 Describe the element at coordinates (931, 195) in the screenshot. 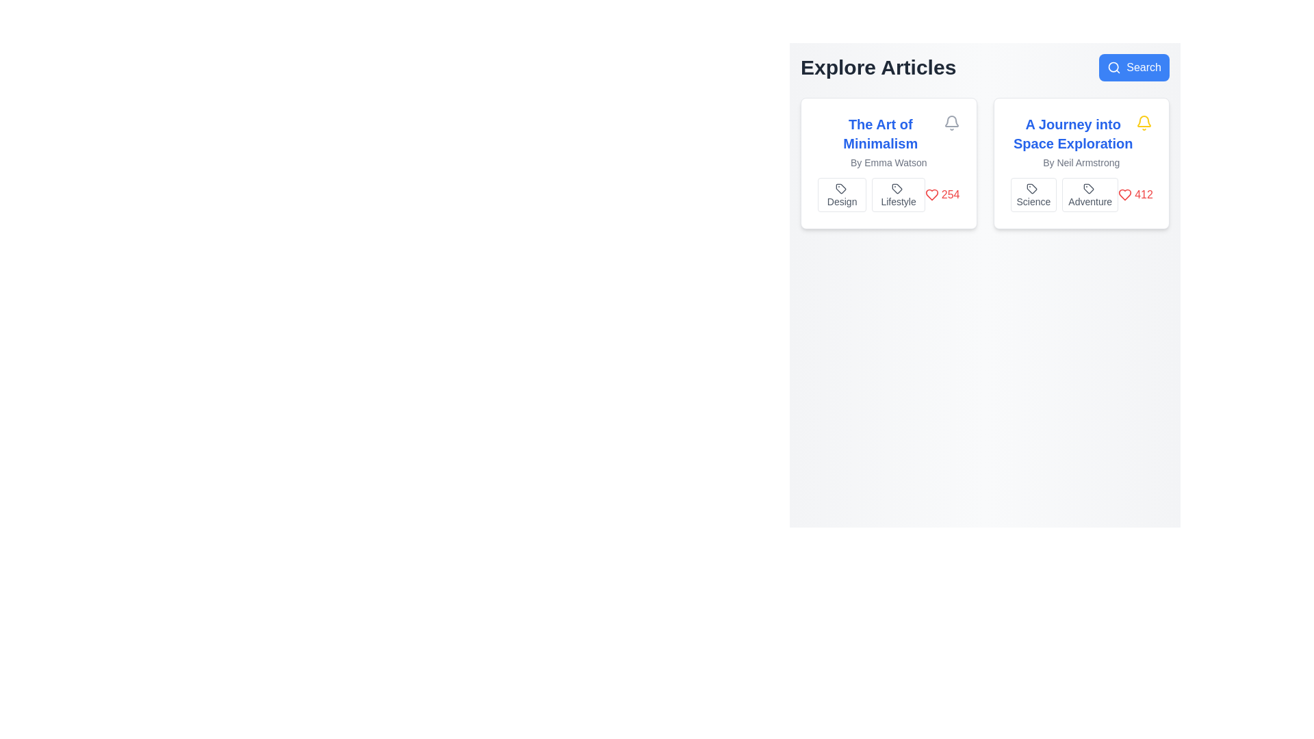

I see `the heart indicator icon located in the first article card labeled 'The Art of Minimalism', positioned to the left of the count '254'` at that location.